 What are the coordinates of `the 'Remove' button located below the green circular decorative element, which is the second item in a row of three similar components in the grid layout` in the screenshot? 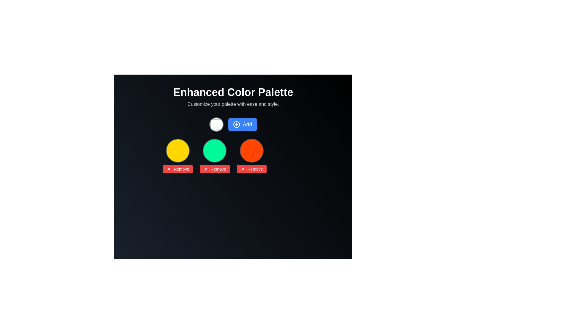 It's located at (214, 155).